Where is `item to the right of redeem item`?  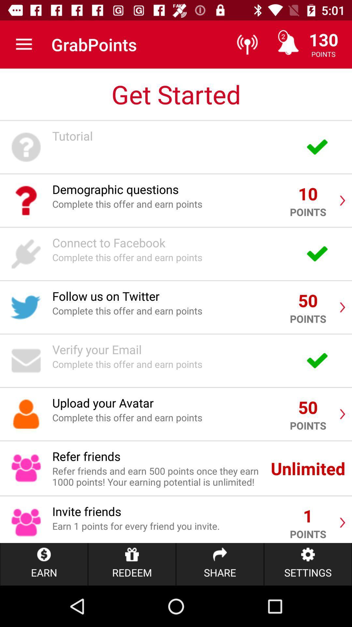 item to the right of redeem item is located at coordinates (220, 564).